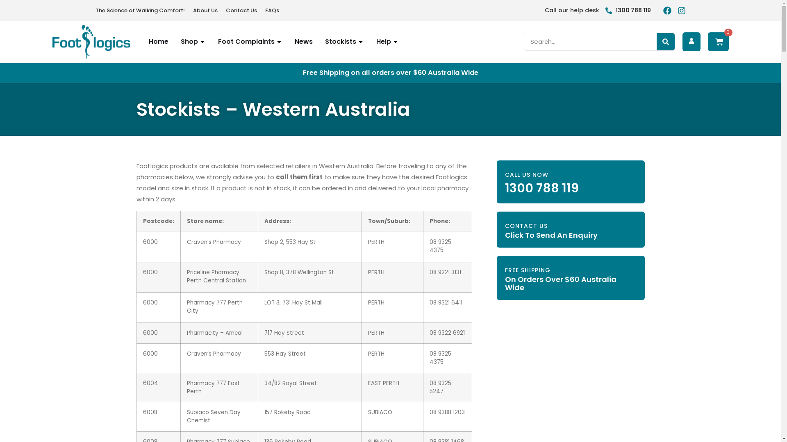  I want to click on '1300 788 119', so click(627, 10).